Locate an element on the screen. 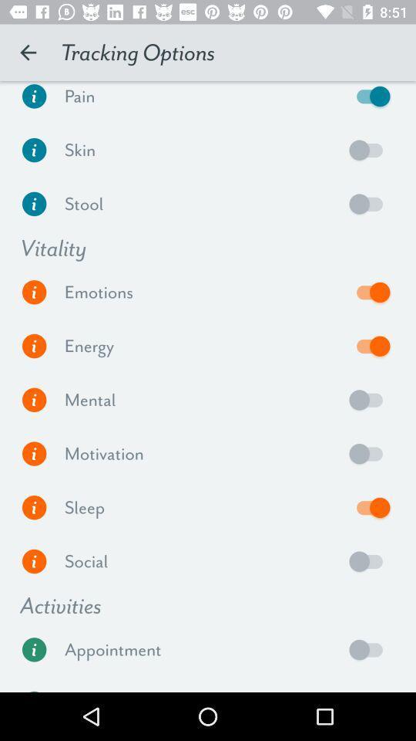  more info is located at coordinates (34, 203).